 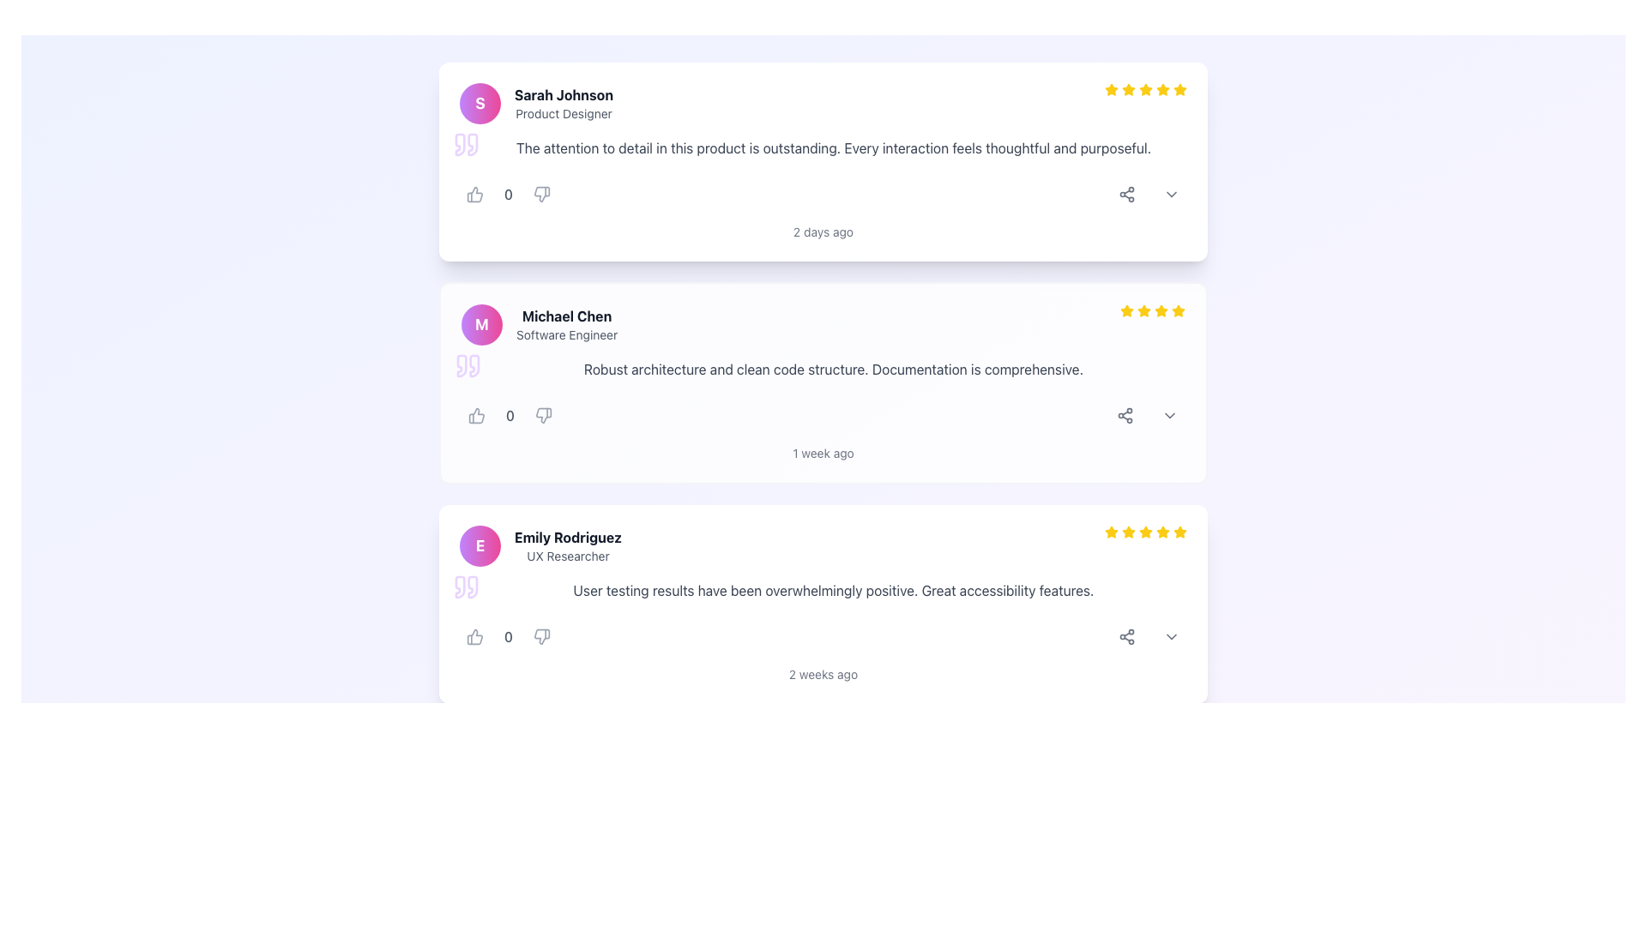 I want to click on the fifth yellow star icon in the five-star rating system to assign a five-star rating, so click(x=1163, y=89).